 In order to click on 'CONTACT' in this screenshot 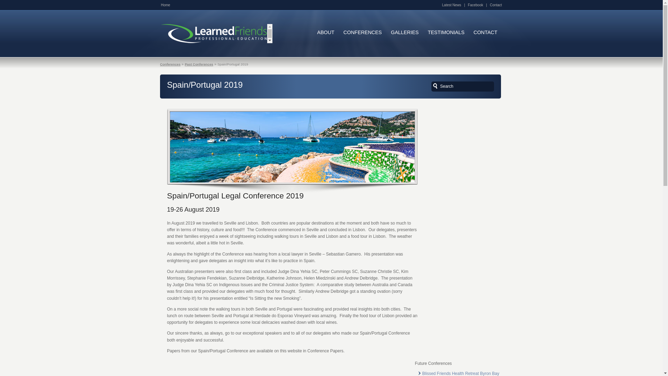, I will do `click(469, 32)`.